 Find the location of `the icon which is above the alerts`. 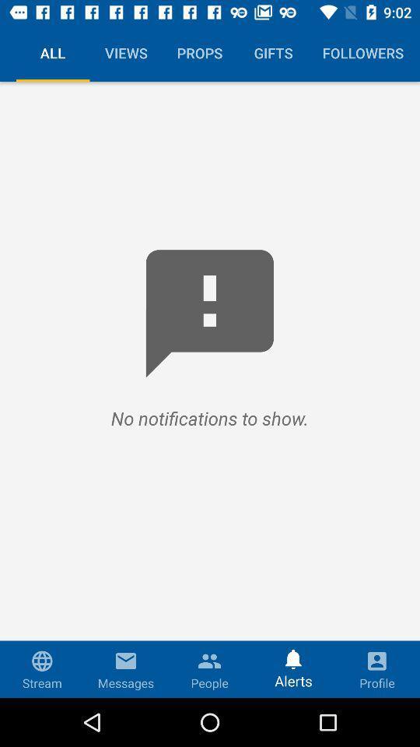

the icon which is above the alerts is located at coordinates (293, 655).